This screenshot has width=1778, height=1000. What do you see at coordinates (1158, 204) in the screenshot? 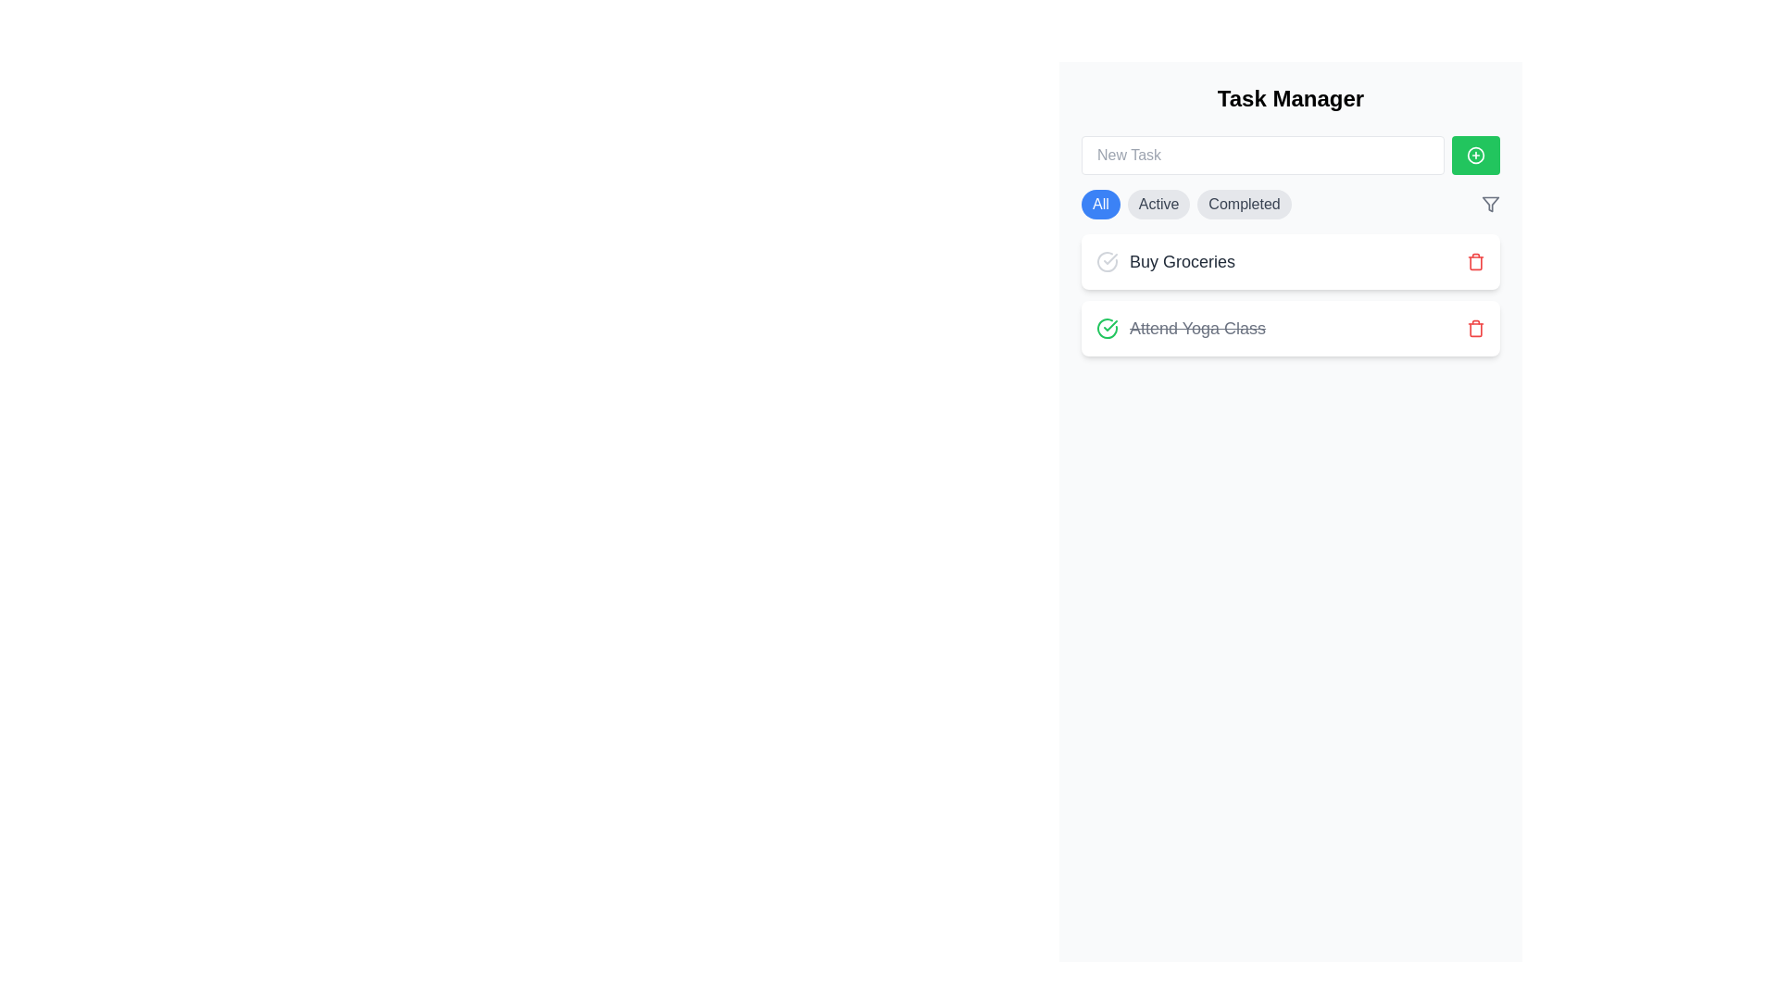
I see `the 'Active' button, which is the second button in a horizontal group near the top of the interface` at bounding box center [1158, 204].